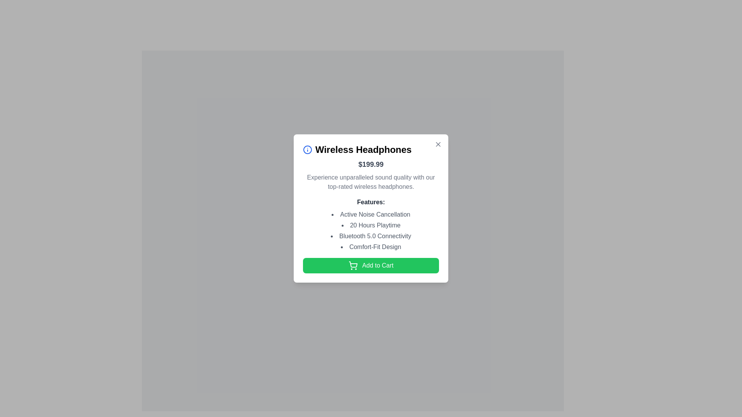 This screenshot has height=417, width=742. Describe the element at coordinates (371, 202) in the screenshot. I see `the bold gray text label displaying 'Features:' located within the product information card` at that location.